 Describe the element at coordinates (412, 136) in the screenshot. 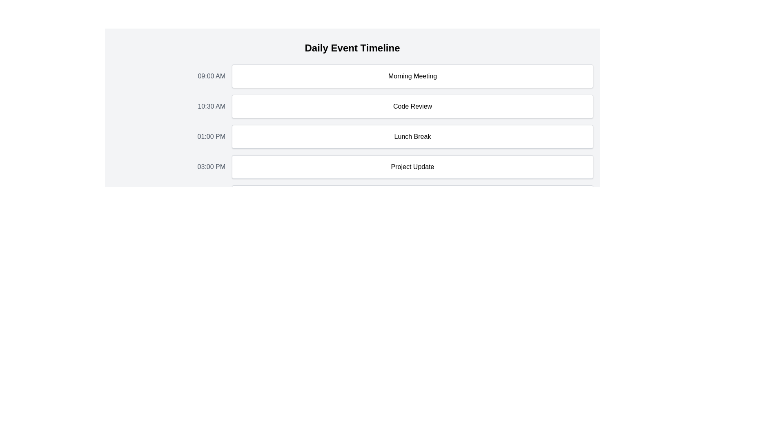

I see `the 'Lunch Break' text content box which is the third entry in the vertical timeline aligned to the right of the timestamp '01:00 PM'` at that location.